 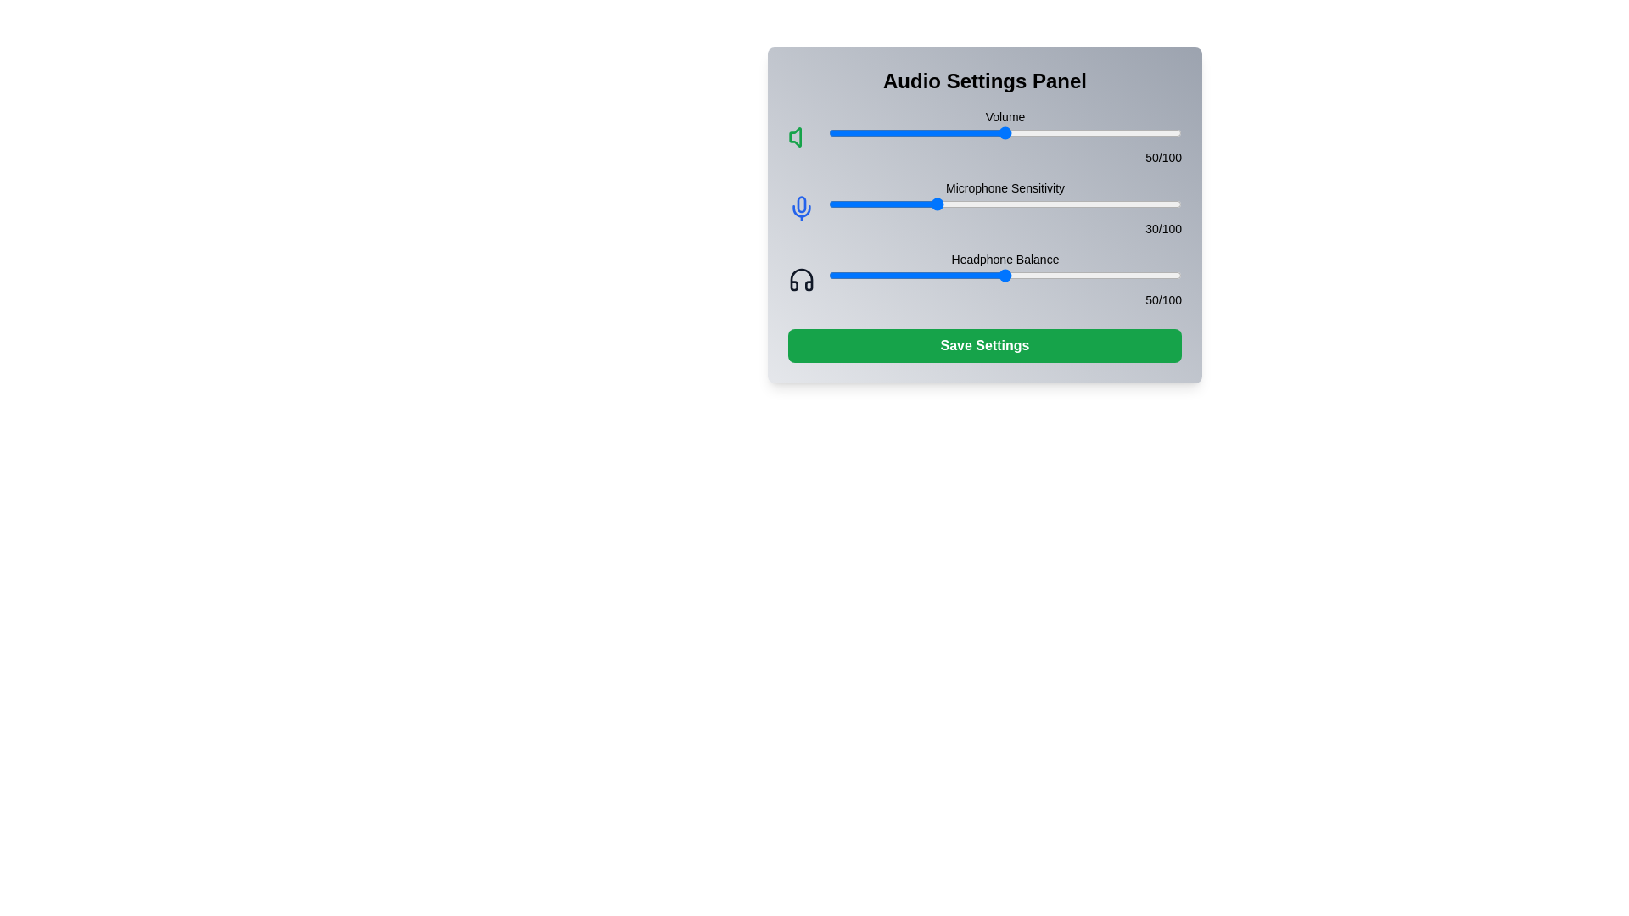 I want to click on the microphone sensitivity, so click(x=915, y=203).